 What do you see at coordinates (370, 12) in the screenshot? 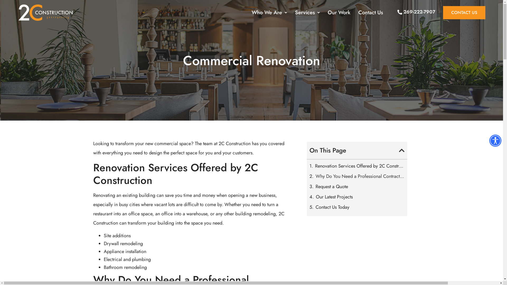
I see `'Contact Us'` at bounding box center [370, 12].